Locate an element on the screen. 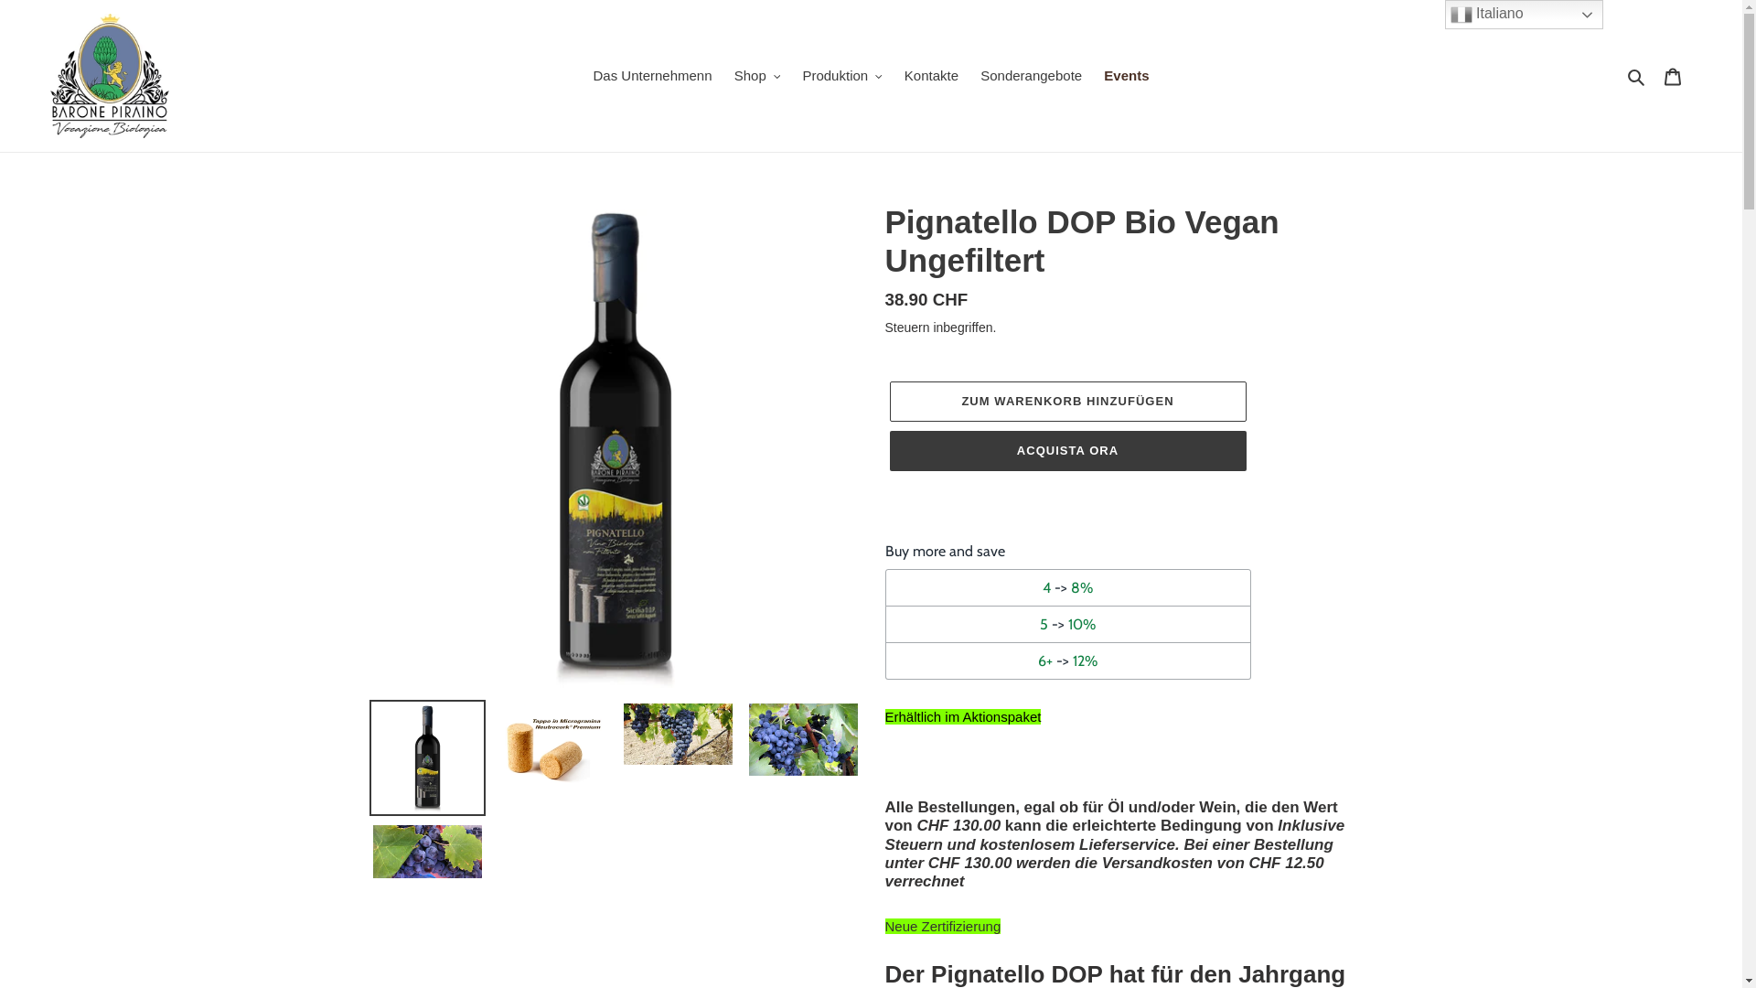  'Shop' is located at coordinates (757, 75).